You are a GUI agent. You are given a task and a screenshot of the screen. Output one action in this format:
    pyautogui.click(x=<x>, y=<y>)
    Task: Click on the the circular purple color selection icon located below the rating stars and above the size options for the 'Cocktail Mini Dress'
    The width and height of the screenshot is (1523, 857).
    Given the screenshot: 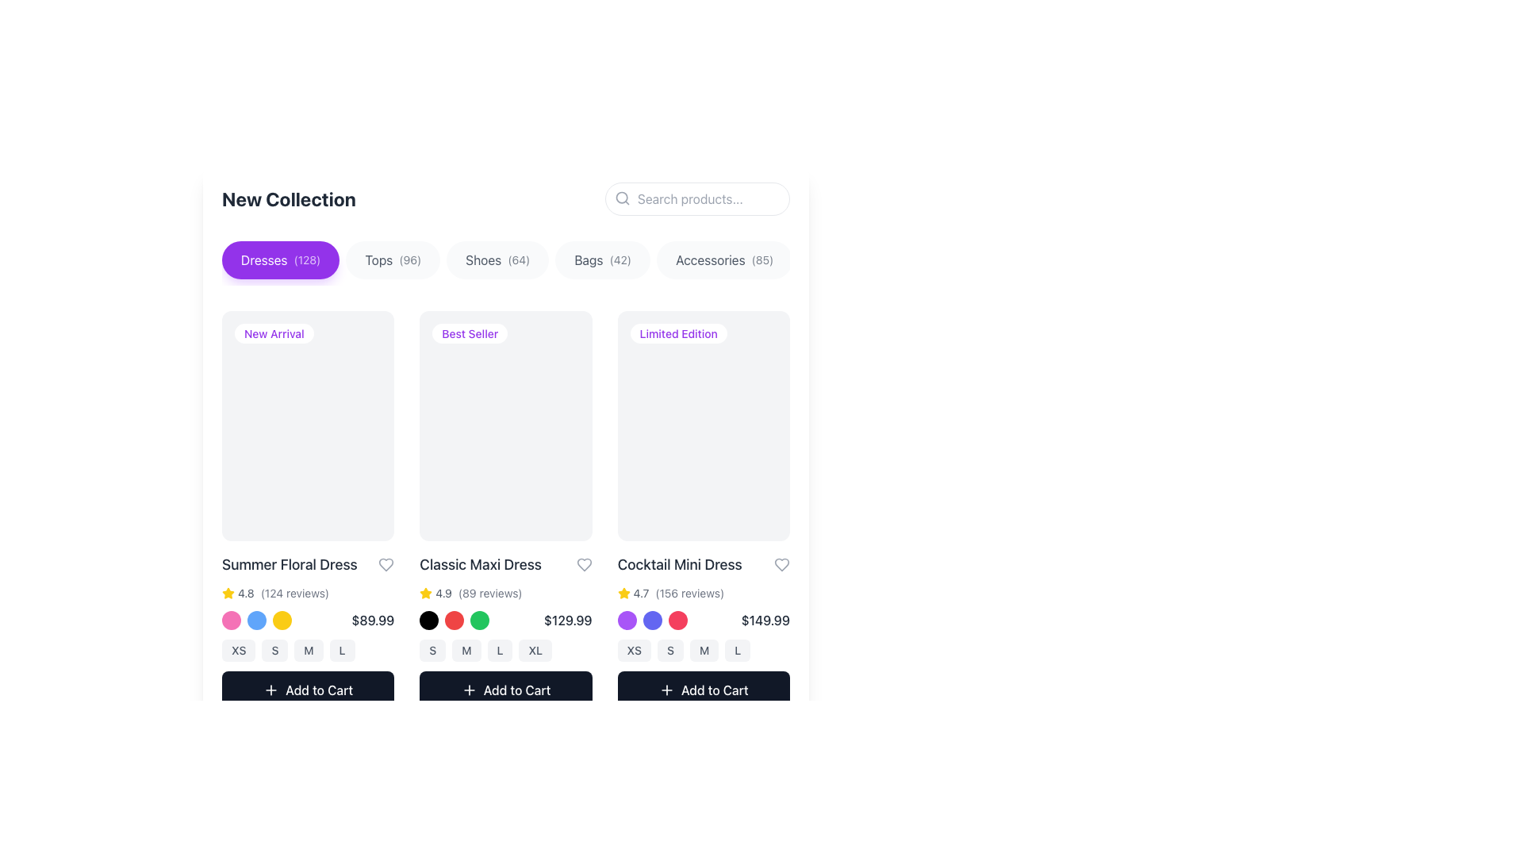 What is the action you would take?
    pyautogui.click(x=626, y=619)
    